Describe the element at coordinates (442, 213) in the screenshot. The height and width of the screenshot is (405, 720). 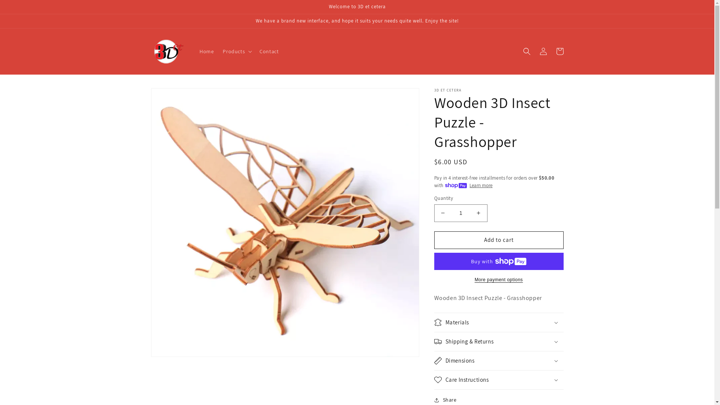
I see `'Decrease quantity for Wooden 3D Insect Puzzle - Grasshopper'` at that location.